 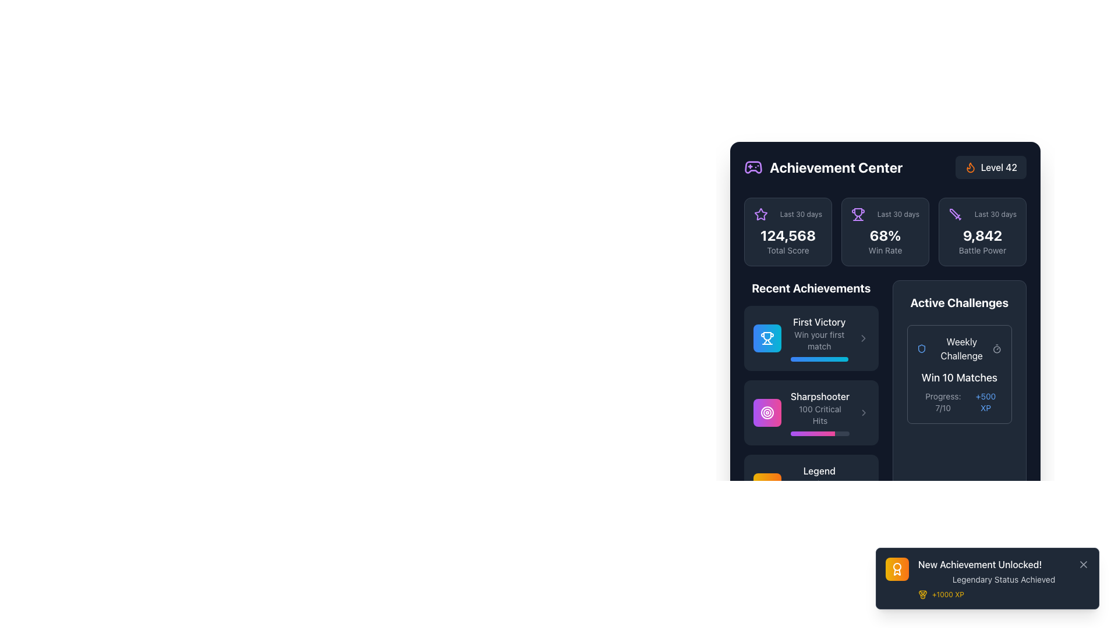 I want to click on the 'Sharpshooter' achievement card, which is the second card in the 'Recent Achievements' section, so click(x=811, y=412).